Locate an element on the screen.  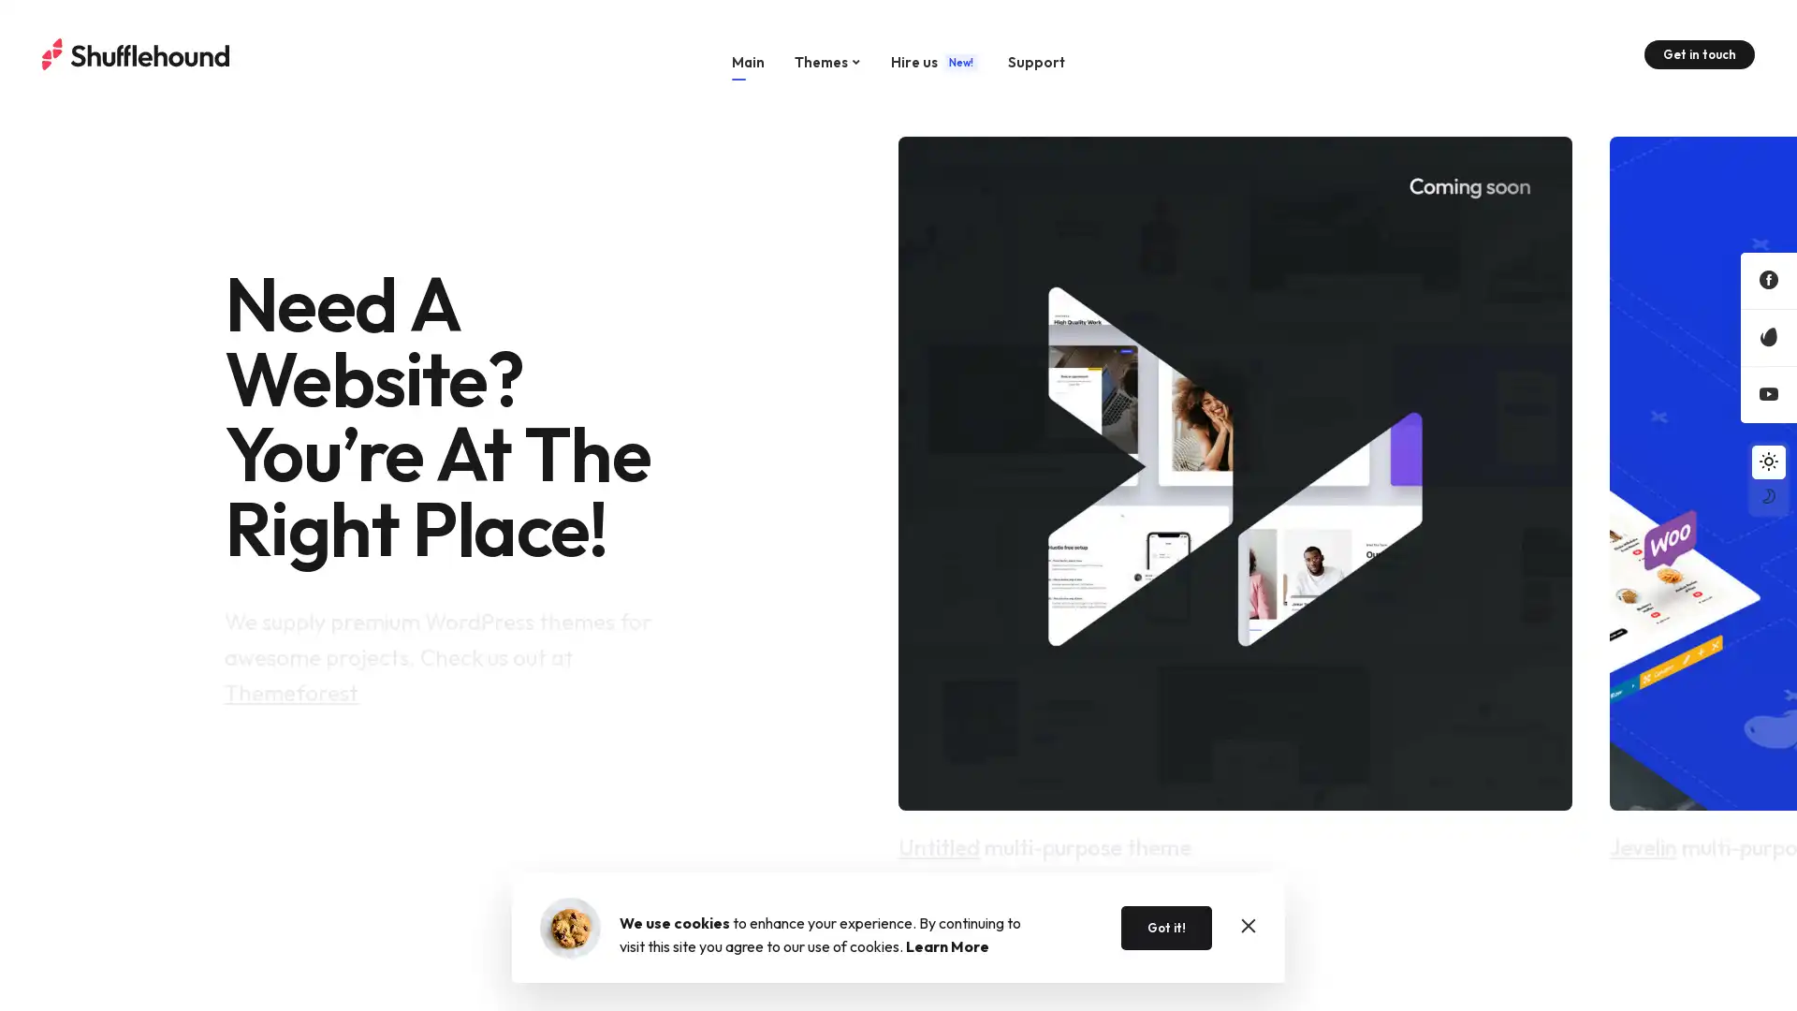
Get in touch is located at coordinates (1698, 52).